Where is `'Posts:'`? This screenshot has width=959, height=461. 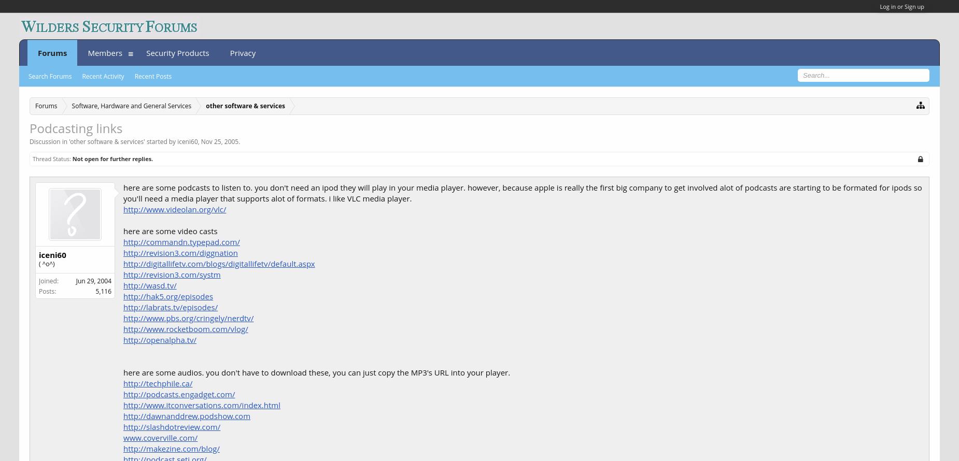
'Posts:' is located at coordinates (47, 290).